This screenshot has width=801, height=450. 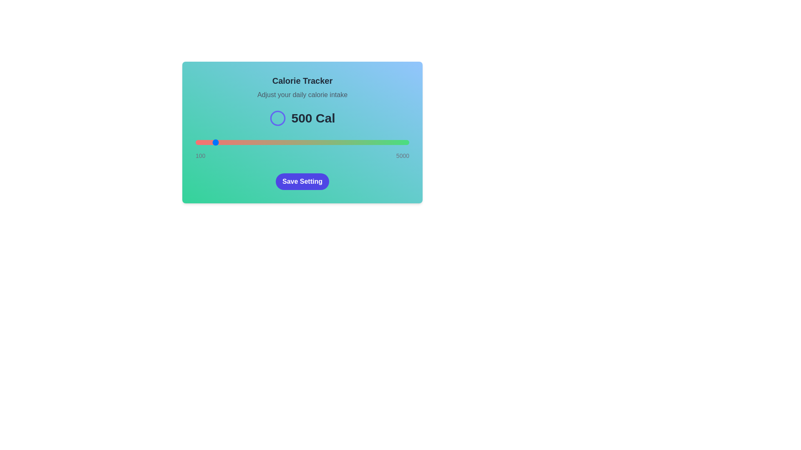 I want to click on the slider to 4264 calories to observe the color gradient, so click(x=377, y=142).